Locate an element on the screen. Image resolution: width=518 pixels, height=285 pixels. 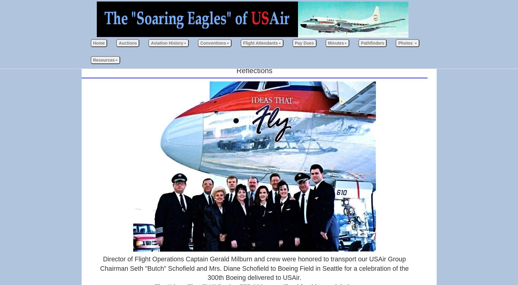
'Pathfinders' is located at coordinates (372, 42).